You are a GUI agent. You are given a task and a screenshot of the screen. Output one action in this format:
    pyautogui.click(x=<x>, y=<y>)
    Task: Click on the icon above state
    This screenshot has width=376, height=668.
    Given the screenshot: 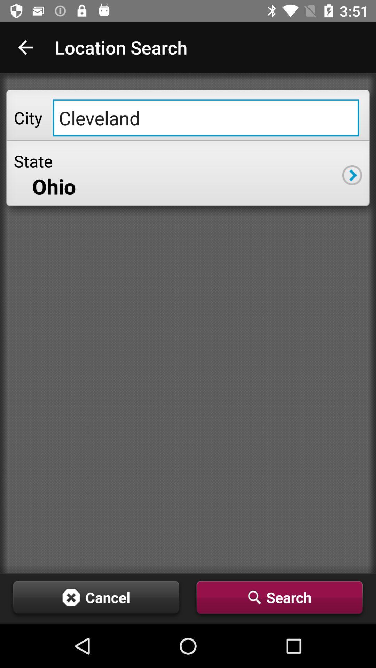 What is the action you would take?
    pyautogui.click(x=205, y=118)
    